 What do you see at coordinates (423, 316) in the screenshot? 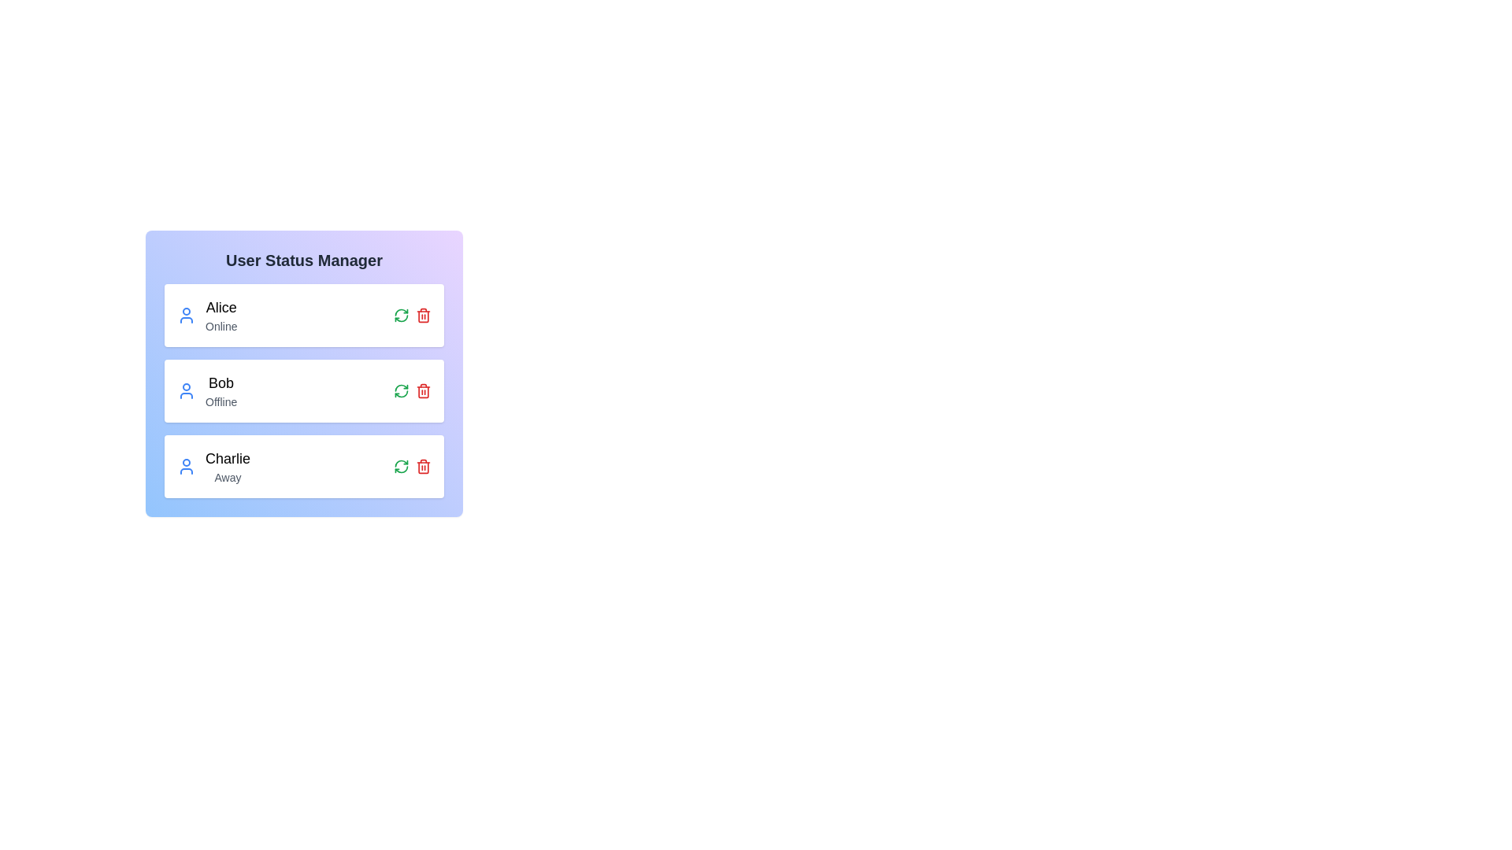
I see `delete button corresponding to the user Alice` at bounding box center [423, 316].